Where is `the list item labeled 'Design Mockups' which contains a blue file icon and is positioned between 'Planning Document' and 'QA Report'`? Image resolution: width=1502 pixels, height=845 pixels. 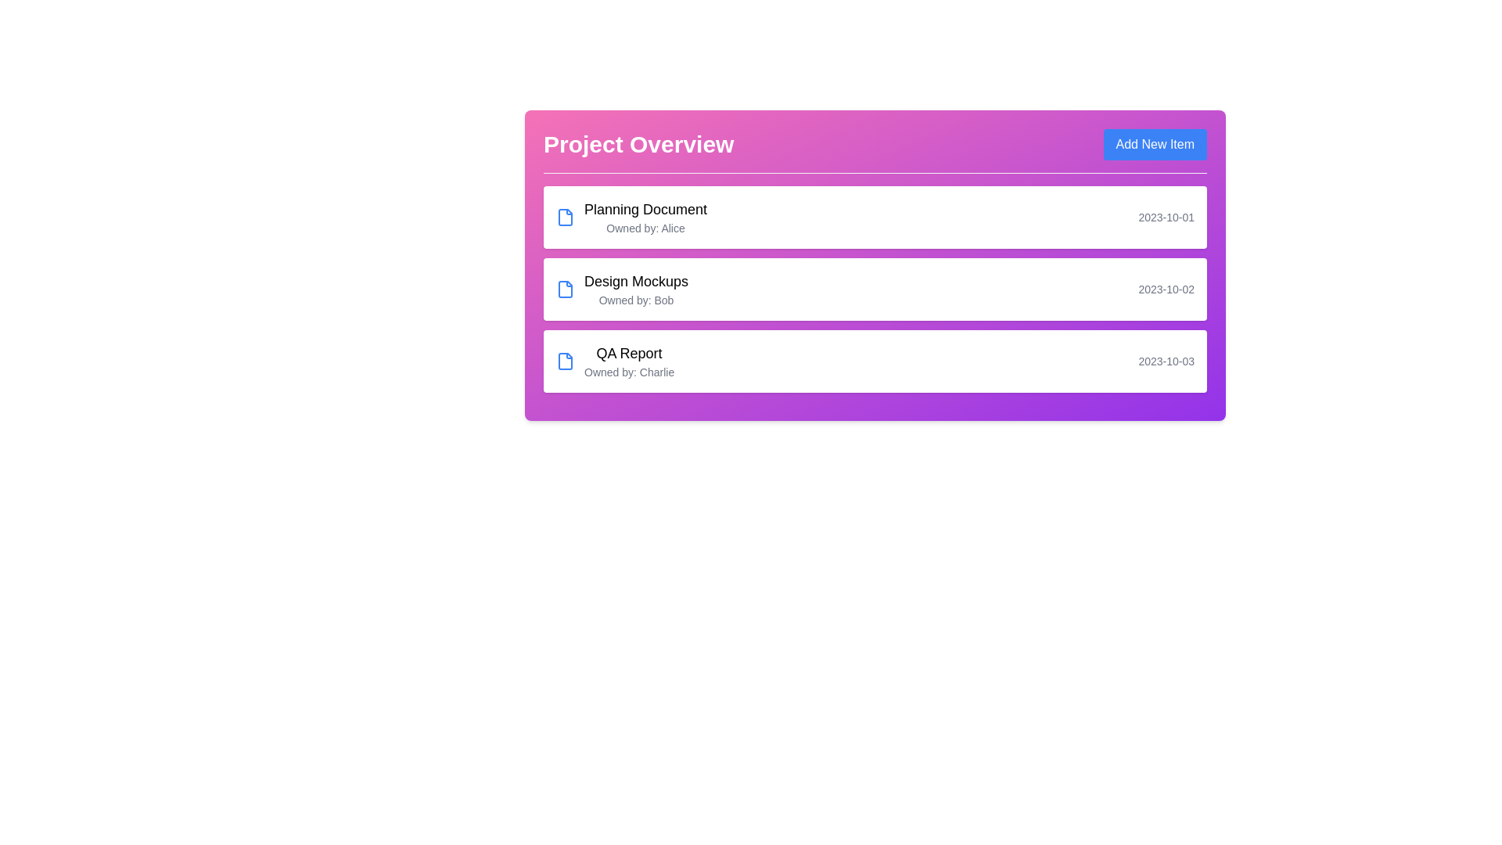
the list item labeled 'Design Mockups' which contains a blue file icon and is positioned between 'Planning Document' and 'QA Report' is located at coordinates (621, 289).